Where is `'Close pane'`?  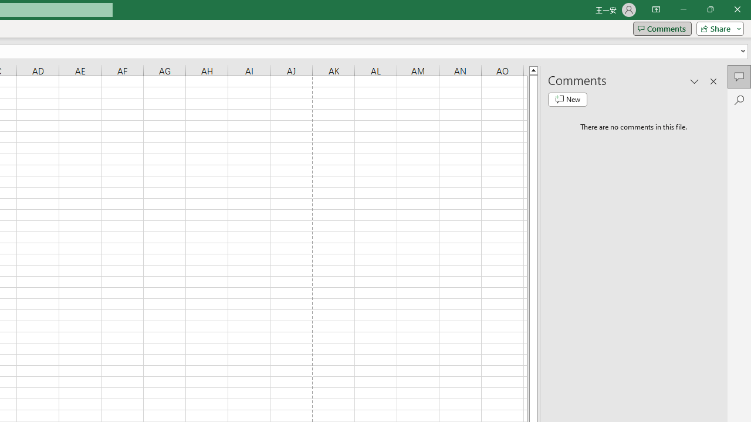 'Close pane' is located at coordinates (713, 80).